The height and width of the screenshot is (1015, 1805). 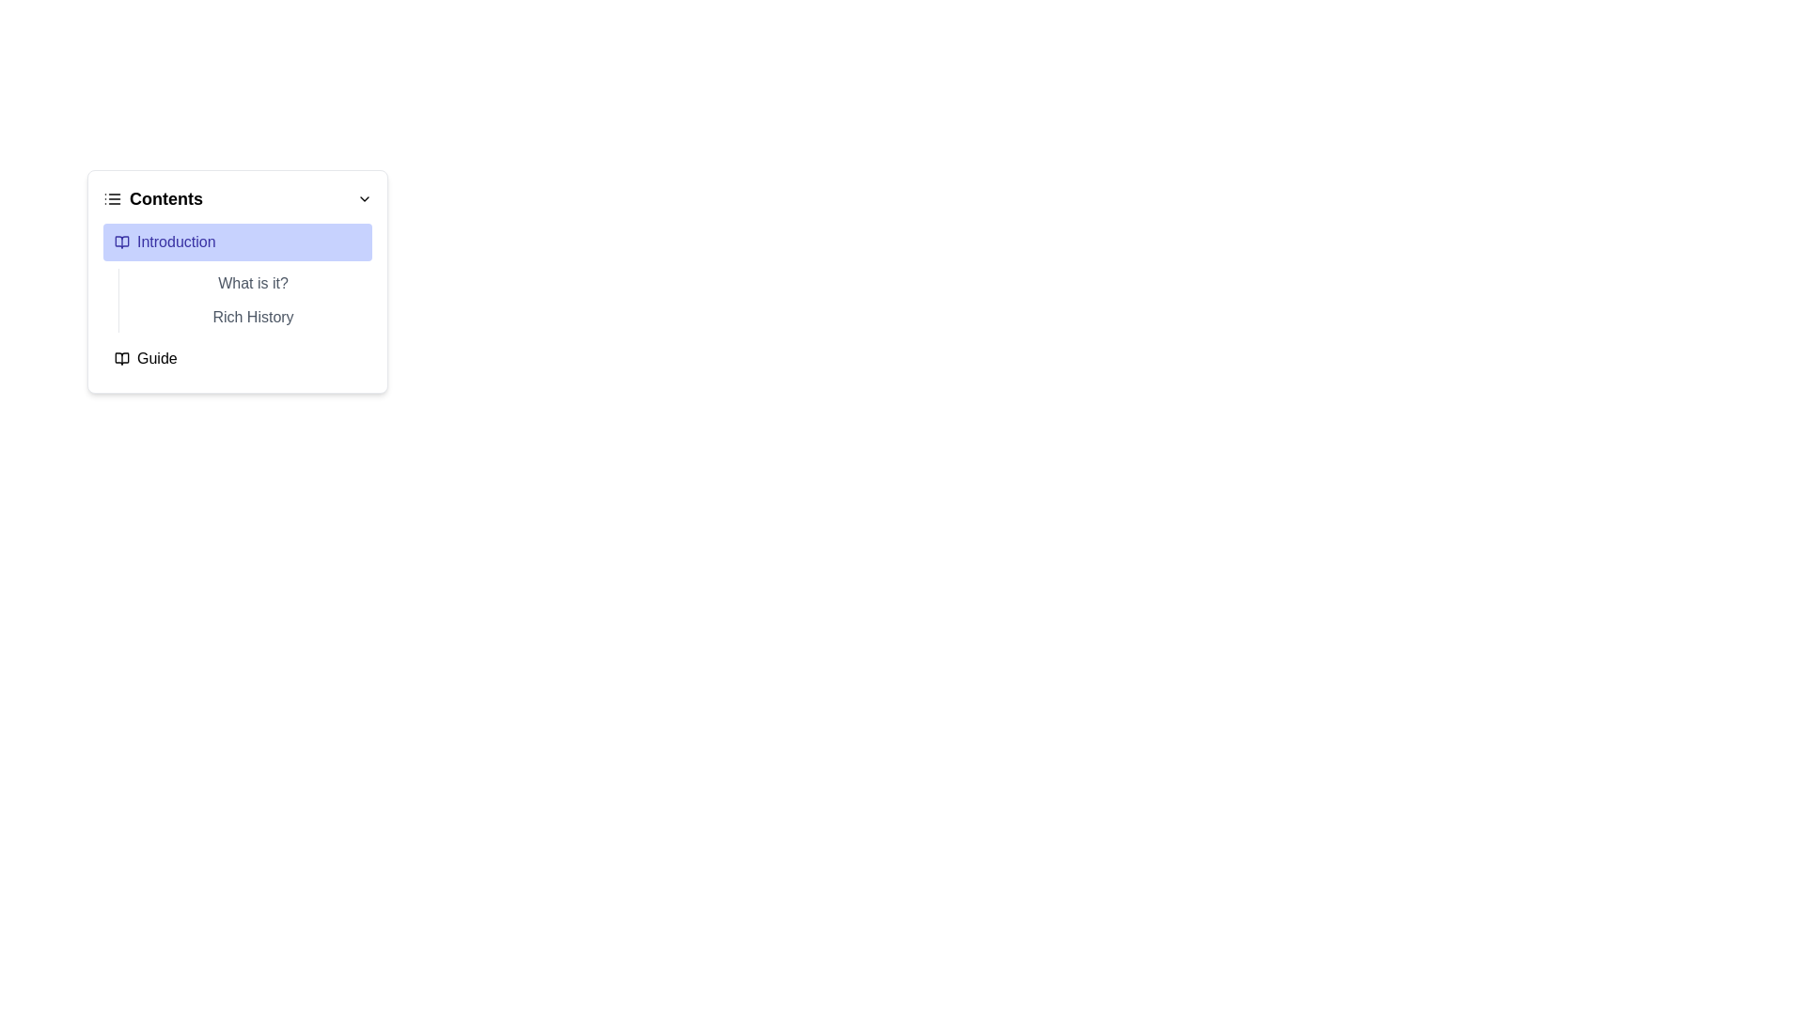 I want to click on the informational text block located beneath the 'Introduction' section in the navigation menu, which is the second element in the list, so click(x=243, y=300).